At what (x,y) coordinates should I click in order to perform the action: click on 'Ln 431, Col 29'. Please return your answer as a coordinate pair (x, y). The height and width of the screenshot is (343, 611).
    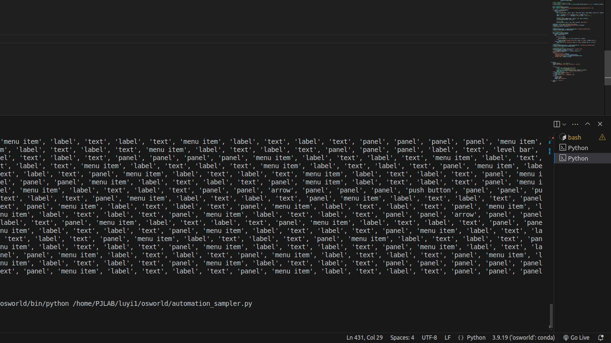
    Looking at the image, I should click on (364, 337).